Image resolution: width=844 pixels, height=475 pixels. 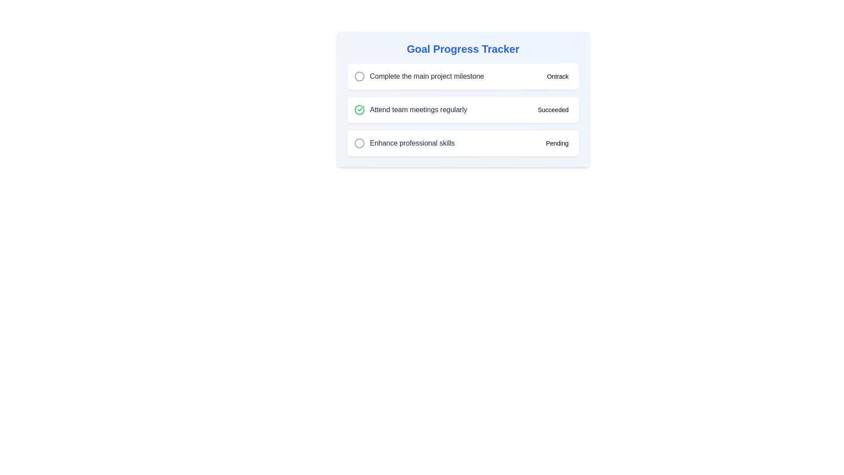 What do you see at coordinates (462, 110) in the screenshot?
I see `the Goal card displaying 'Attend team meetings regularly' with status 'Succeeded', which is located in the middle of the visible list area` at bounding box center [462, 110].